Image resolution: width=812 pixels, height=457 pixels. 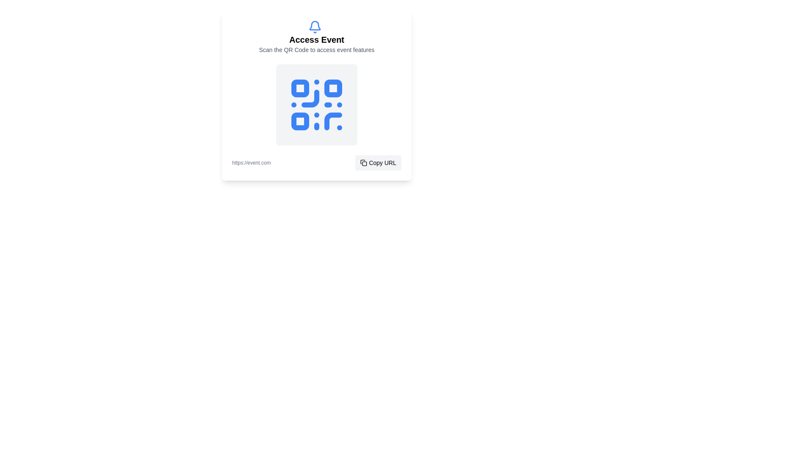 I want to click on the 'Copy URL' button, which is a rectangular button with a light gray background and a copy icon, so click(x=378, y=163).